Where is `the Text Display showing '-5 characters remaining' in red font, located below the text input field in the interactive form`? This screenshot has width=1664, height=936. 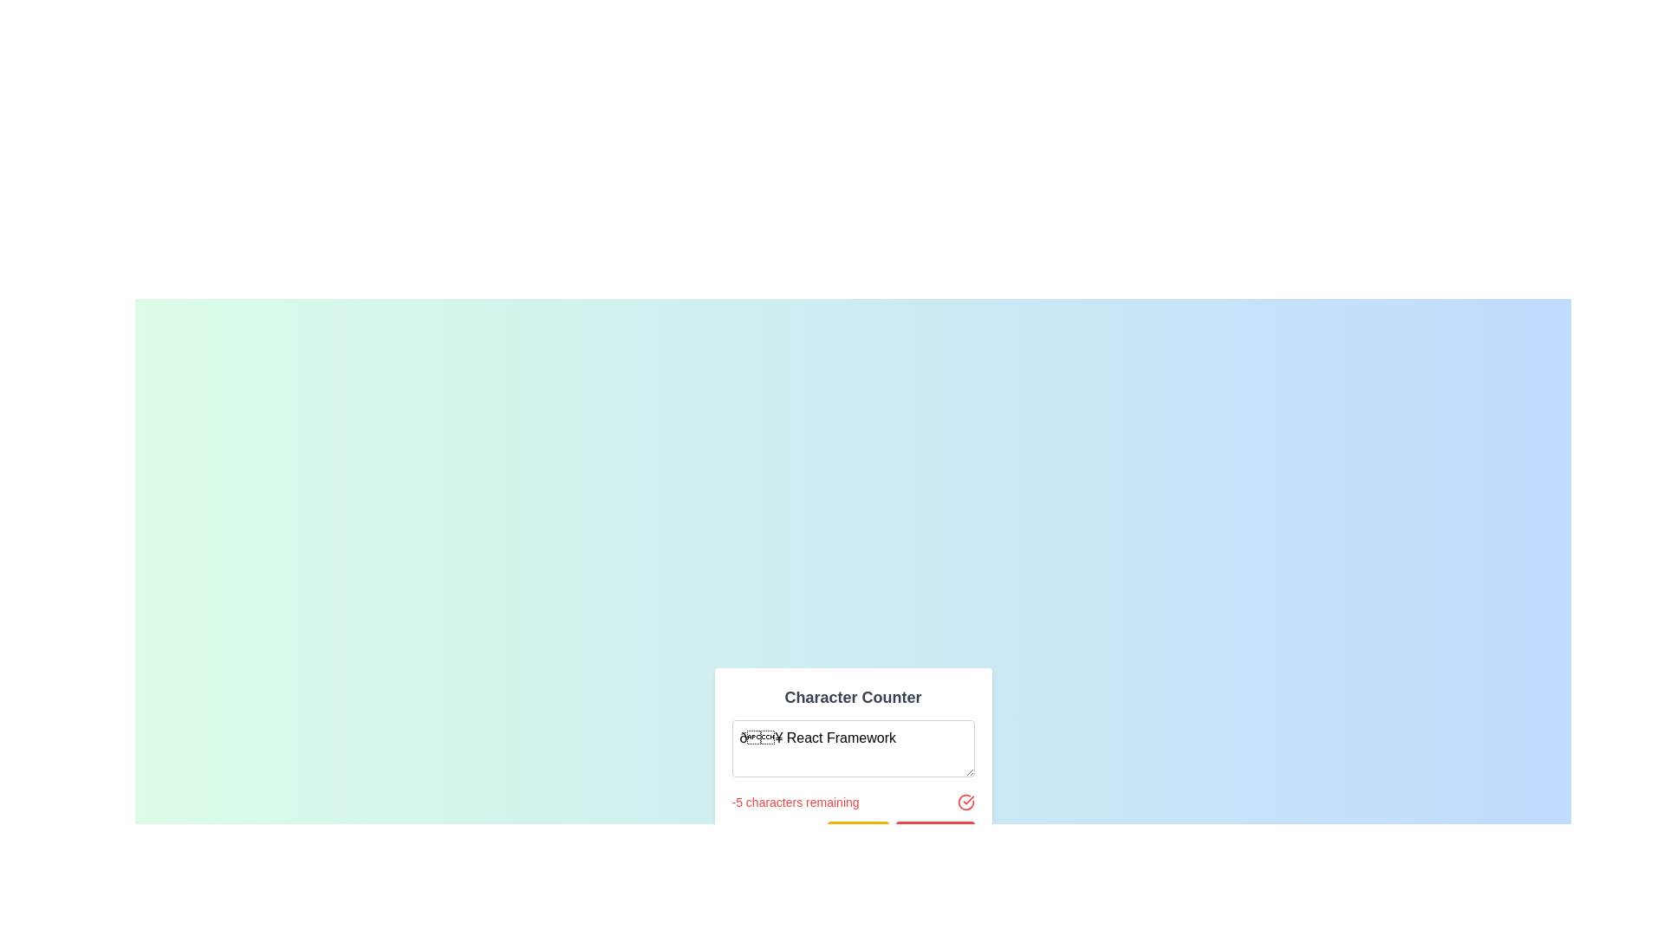
the Text Display showing '-5 characters remaining' in red font, located below the text input field in the interactive form is located at coordinates (794, 802).